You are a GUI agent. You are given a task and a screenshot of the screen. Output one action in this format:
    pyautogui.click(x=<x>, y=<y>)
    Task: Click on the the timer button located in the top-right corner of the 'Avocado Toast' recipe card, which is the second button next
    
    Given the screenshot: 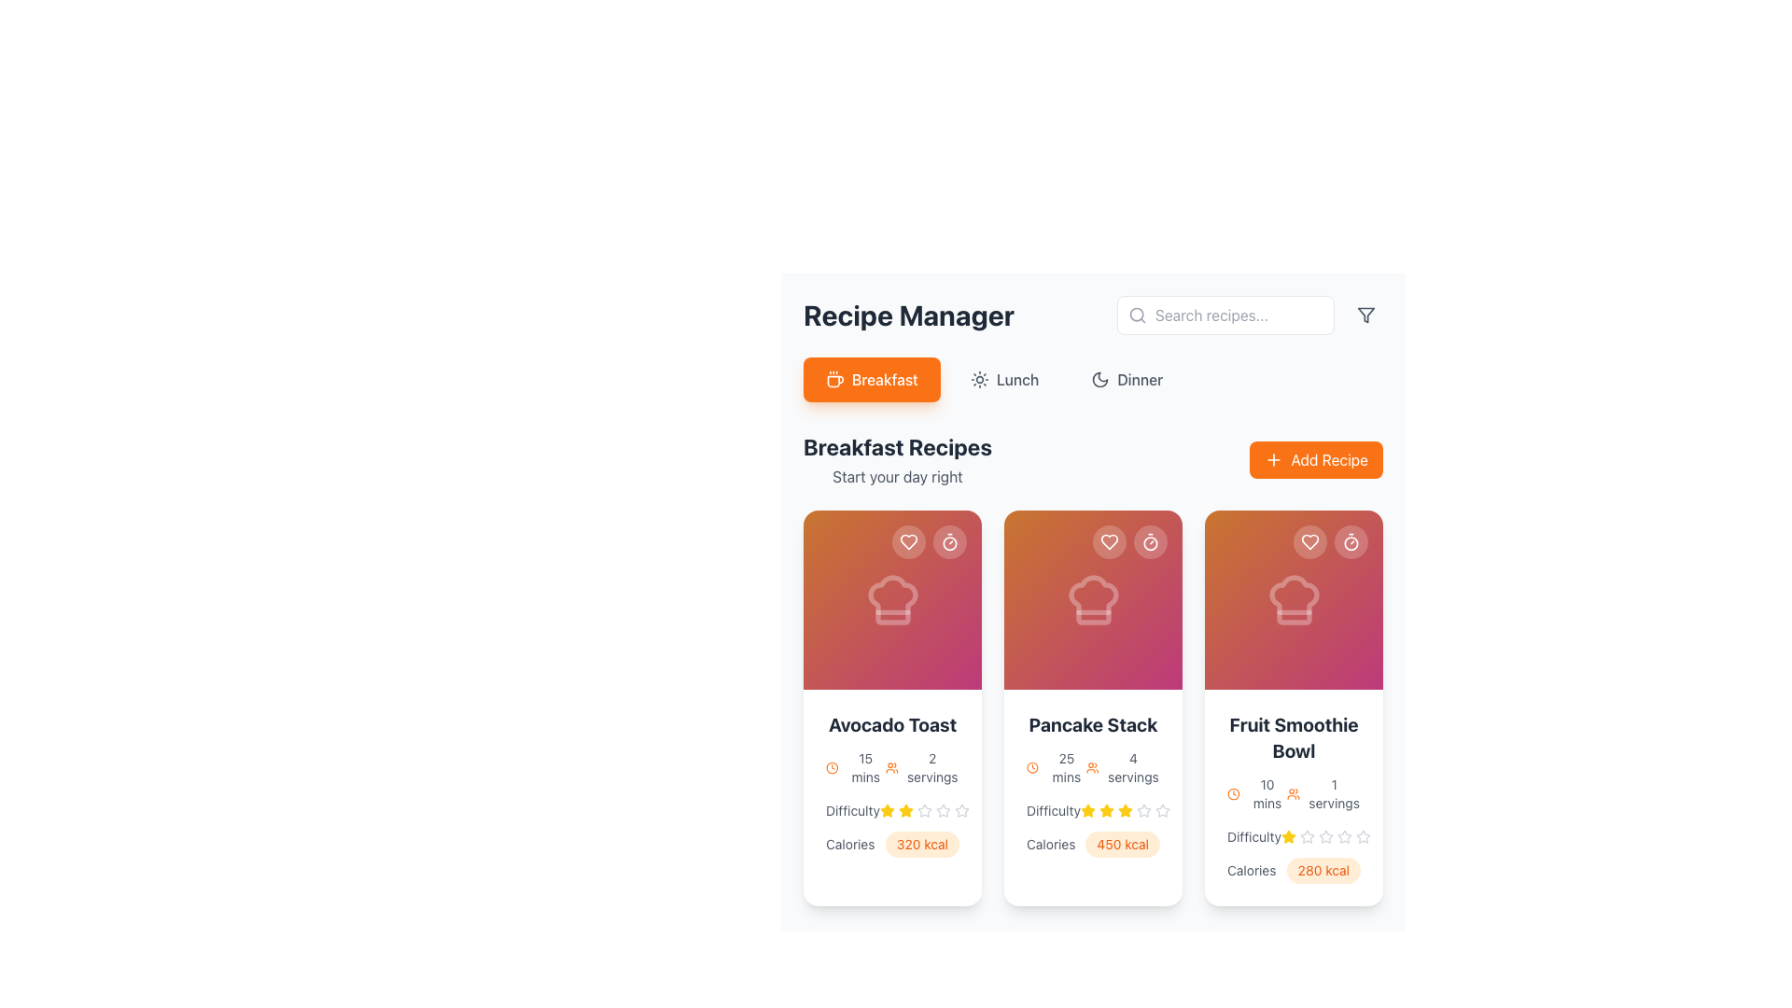 What is the action you would take?
    pyautogui.click(x=949, y=542)
    